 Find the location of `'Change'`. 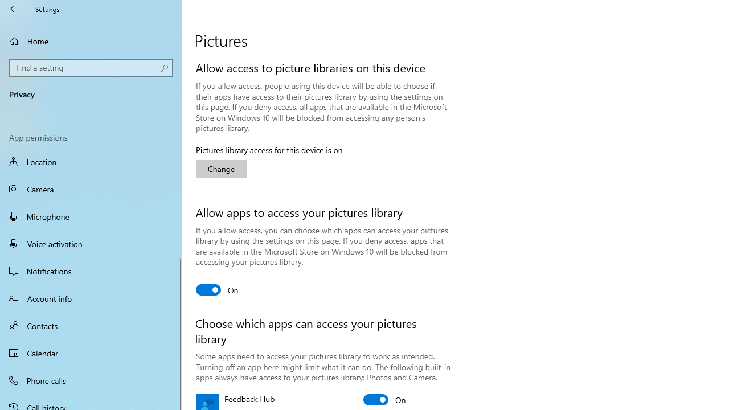

'Change' is located at coordinates (222, 169).